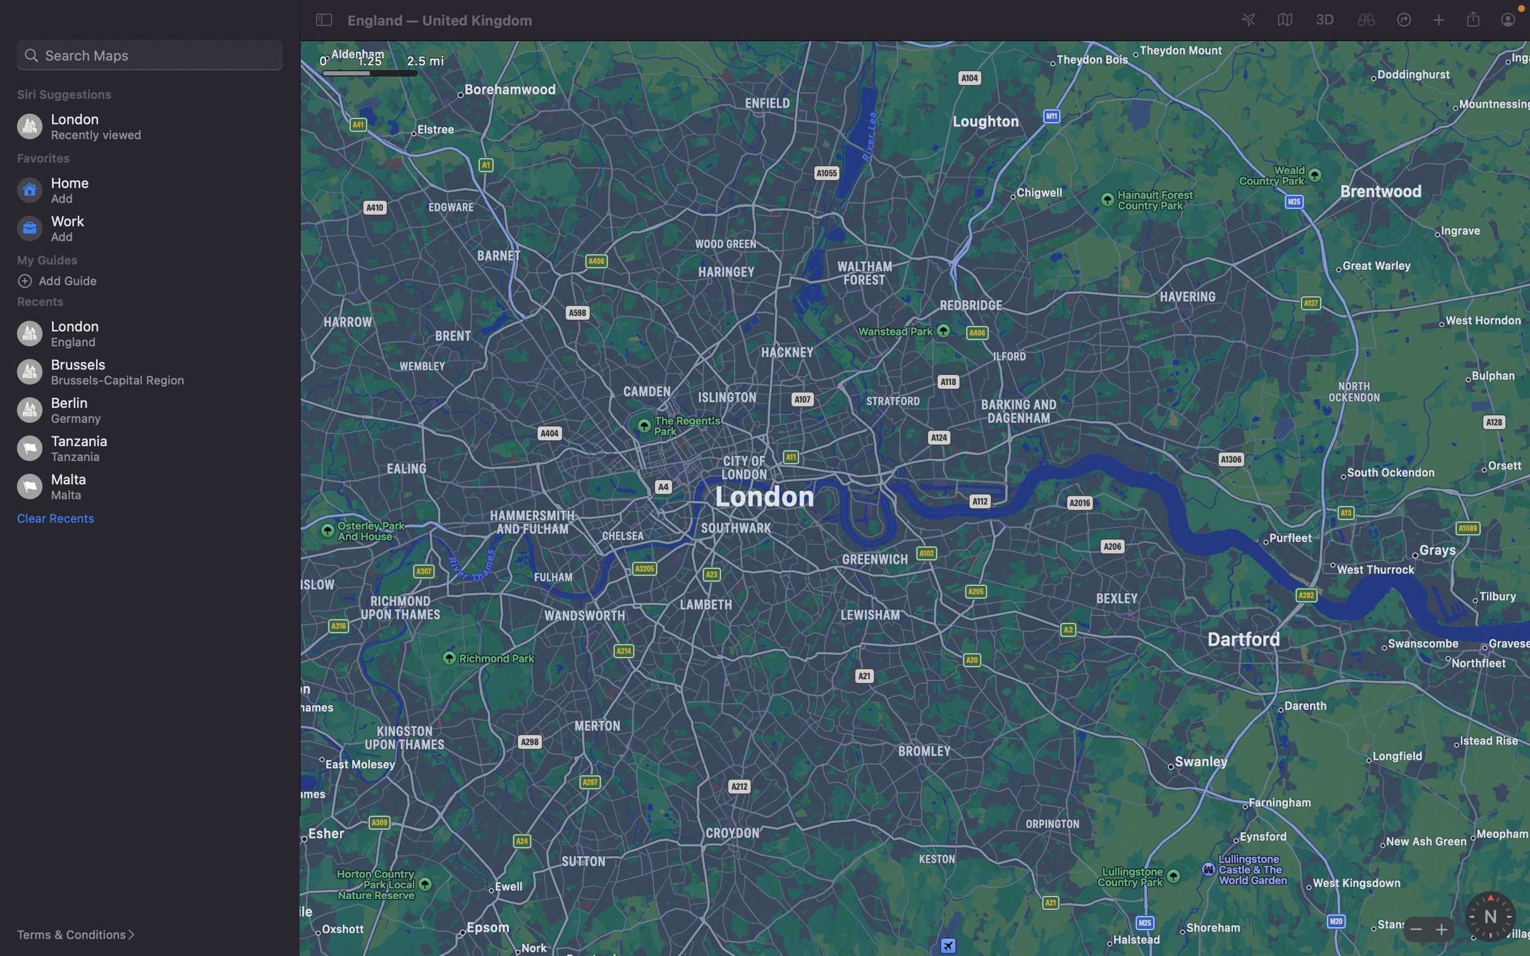 Image resolution: width=1530 pixels, height=956 pixels. I want to click on Indicate your existing location on the map, so click(1249, 20).